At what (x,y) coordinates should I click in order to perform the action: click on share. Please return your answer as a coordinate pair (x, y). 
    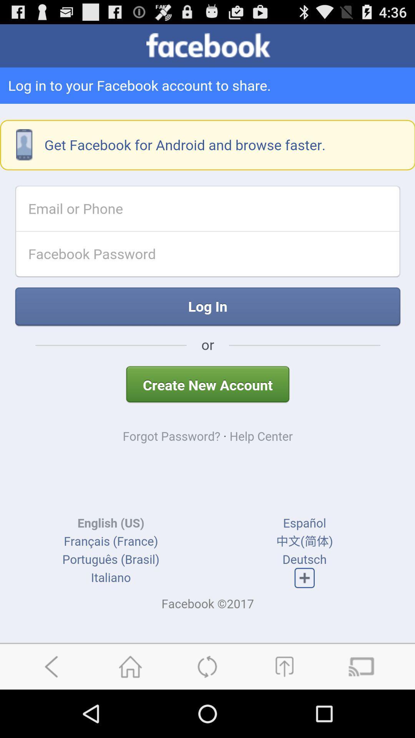
    Looking at the image, I should click on (284, 666).